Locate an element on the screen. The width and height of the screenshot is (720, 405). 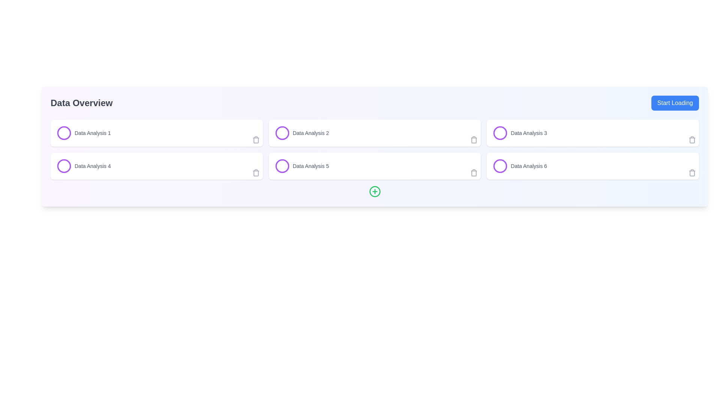
the 'Data Analysis 6' button located is located at coordinates (519, 166).